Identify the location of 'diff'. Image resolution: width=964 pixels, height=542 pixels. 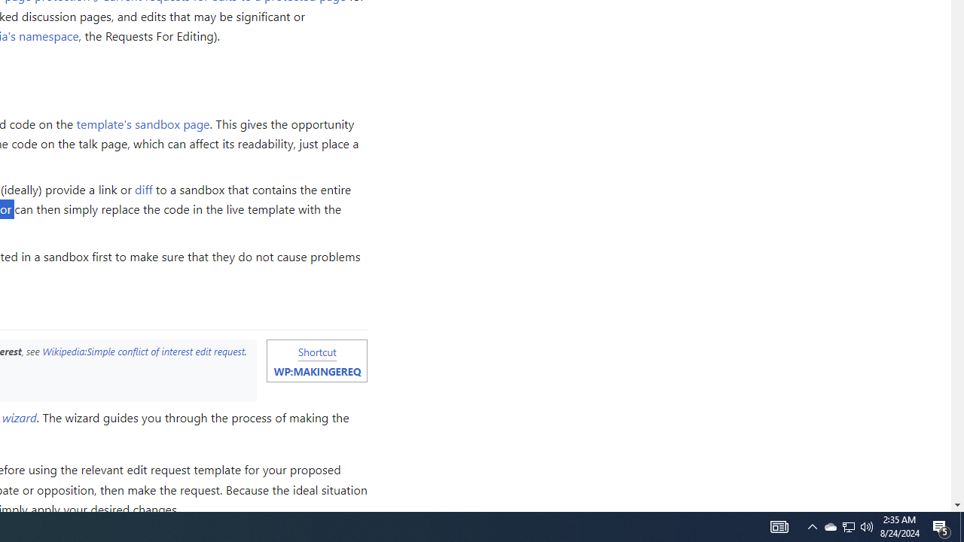
(144, 188).